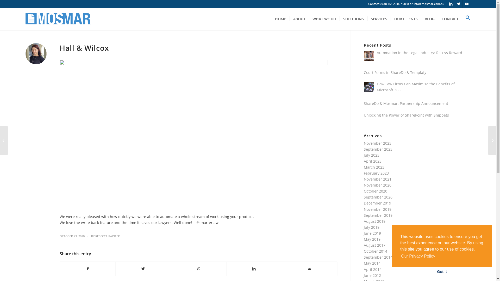 Image resolution: width=500 pixels, height=281 pixels. I want to click on 'Our Privacy Policy', so click(418, 256).